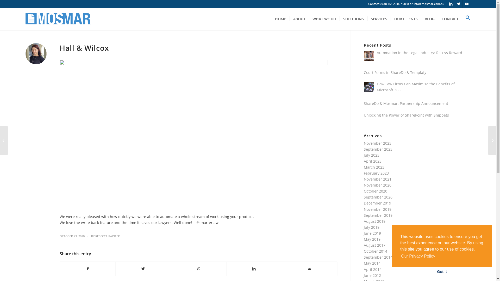 Image resolution: width=500 pixels, height=281 pixels. I want to click on 'Our Privacy Policy', so click(418, 256).